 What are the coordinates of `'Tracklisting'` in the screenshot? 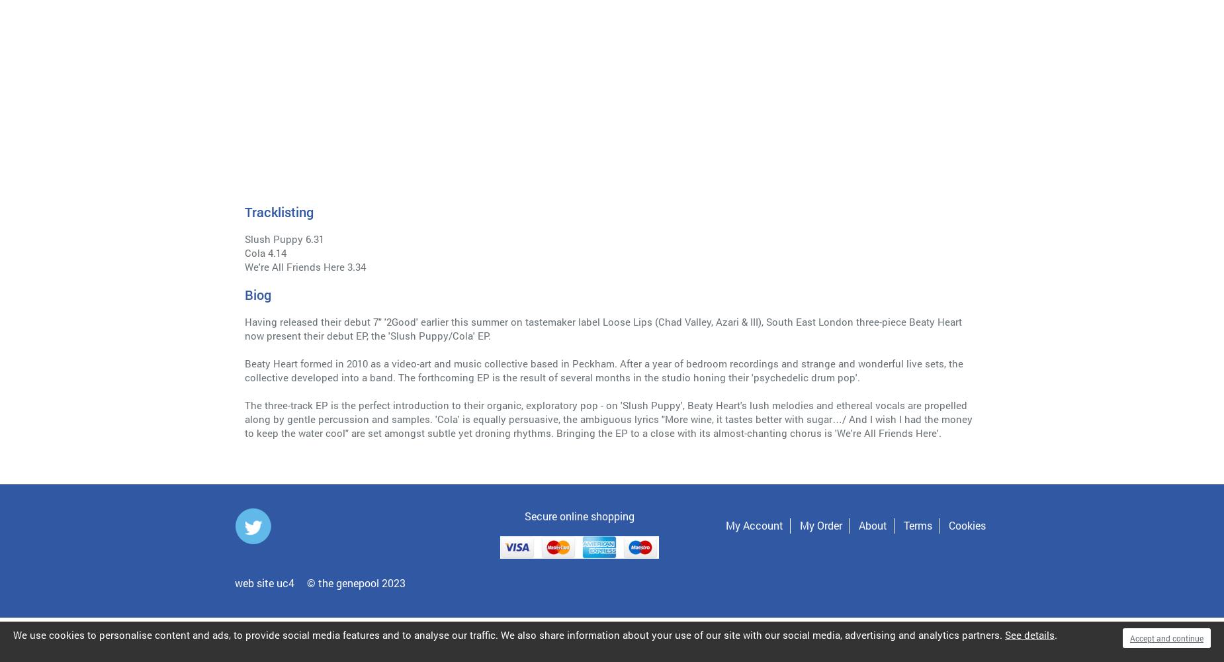 It's located at (278, 211).